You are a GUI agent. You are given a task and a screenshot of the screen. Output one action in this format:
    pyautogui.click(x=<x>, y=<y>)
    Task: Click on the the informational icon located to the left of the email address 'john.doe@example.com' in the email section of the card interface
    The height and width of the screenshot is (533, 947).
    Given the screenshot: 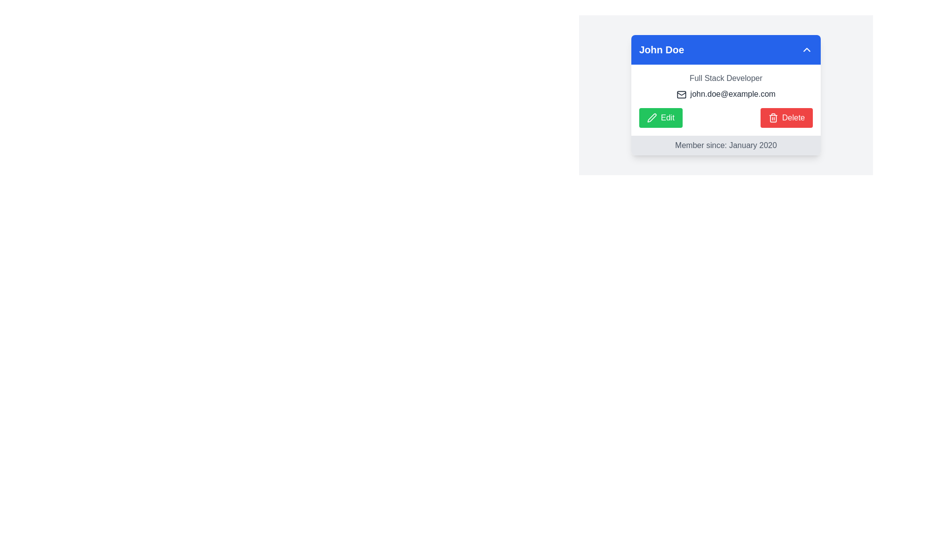 What is the action you would take?
    pyautogui.click(x=681, y=94)
    